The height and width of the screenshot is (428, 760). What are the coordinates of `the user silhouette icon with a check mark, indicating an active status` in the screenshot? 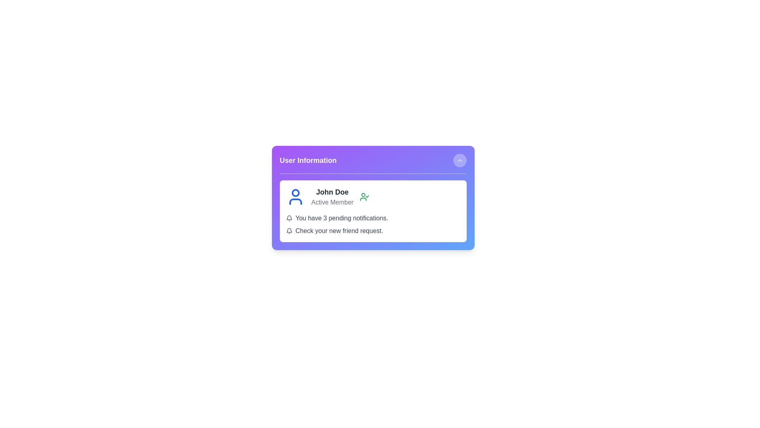 It's located at (364, 197).